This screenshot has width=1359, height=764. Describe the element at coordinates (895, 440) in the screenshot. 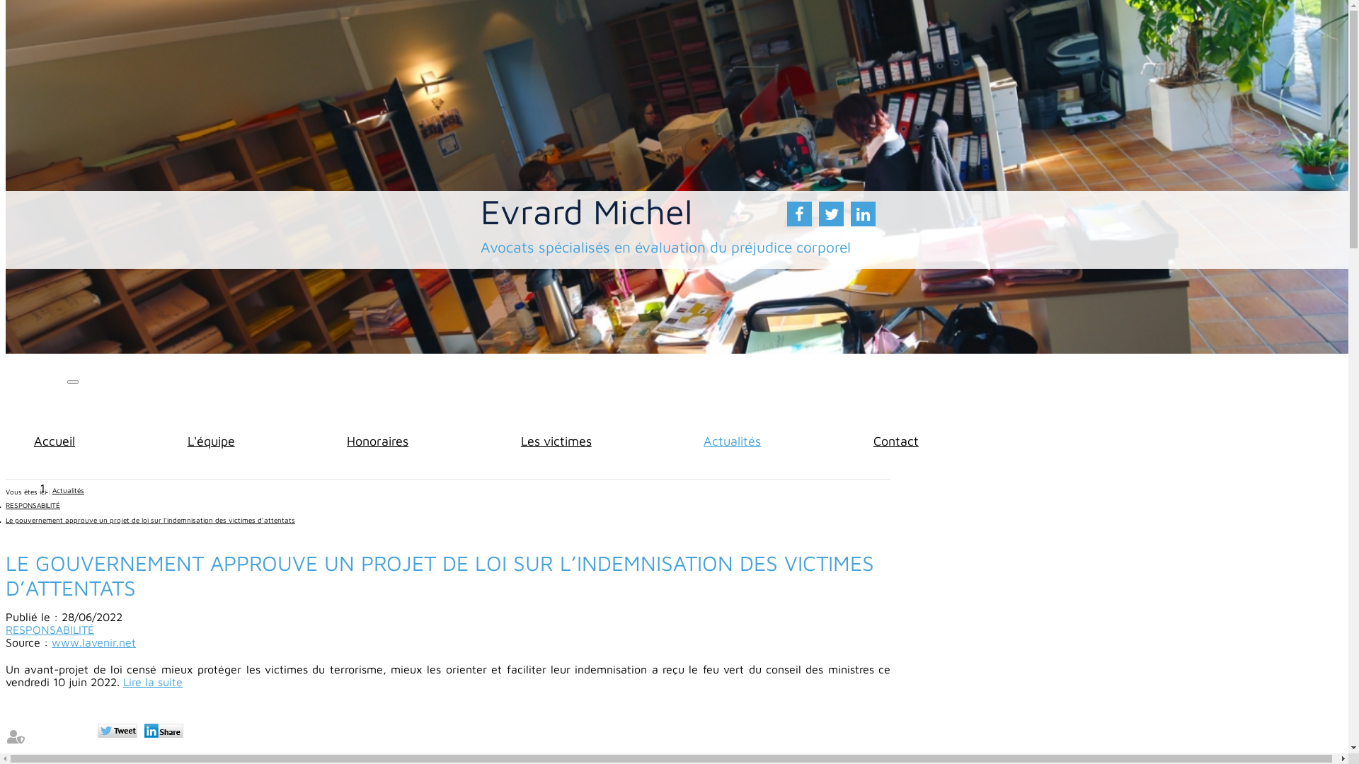

I see `'Contact'` at that location.